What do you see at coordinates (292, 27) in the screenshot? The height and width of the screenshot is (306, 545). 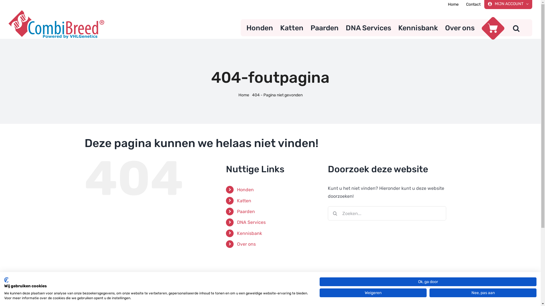 I see `'Katten'` at bounding box center [292, 27].